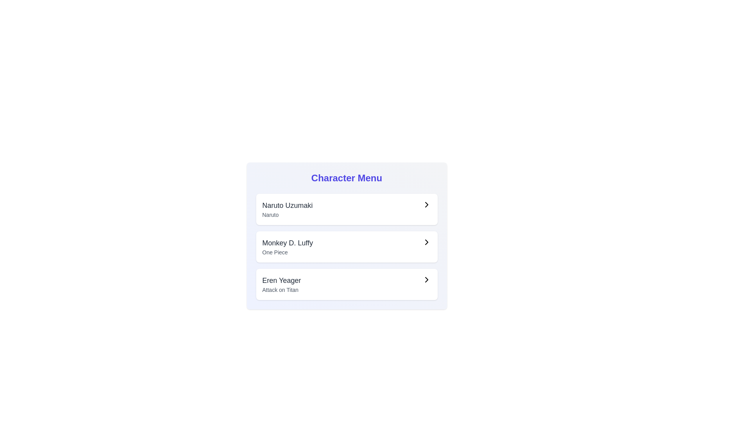 This screenshot has width=751, height=422. Describe the element at coordinates (426, 279) in the screenshot. I see `the chevron icon styled as an arrow pointing to the right, located on the far-right side of the third row in the 'Character Menu' list, next to 'Eren Yeager' and 'Attack on Titan'` at that location.